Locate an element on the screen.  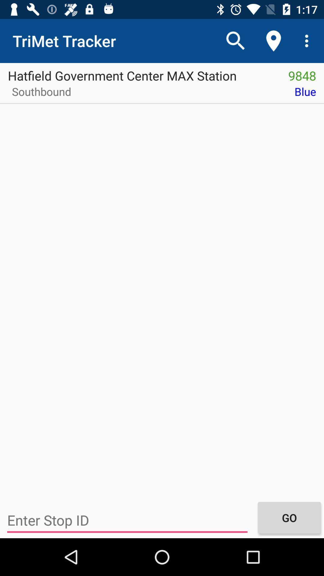
item to the right of the trimet tracker item is located at coordinates (235, 40).